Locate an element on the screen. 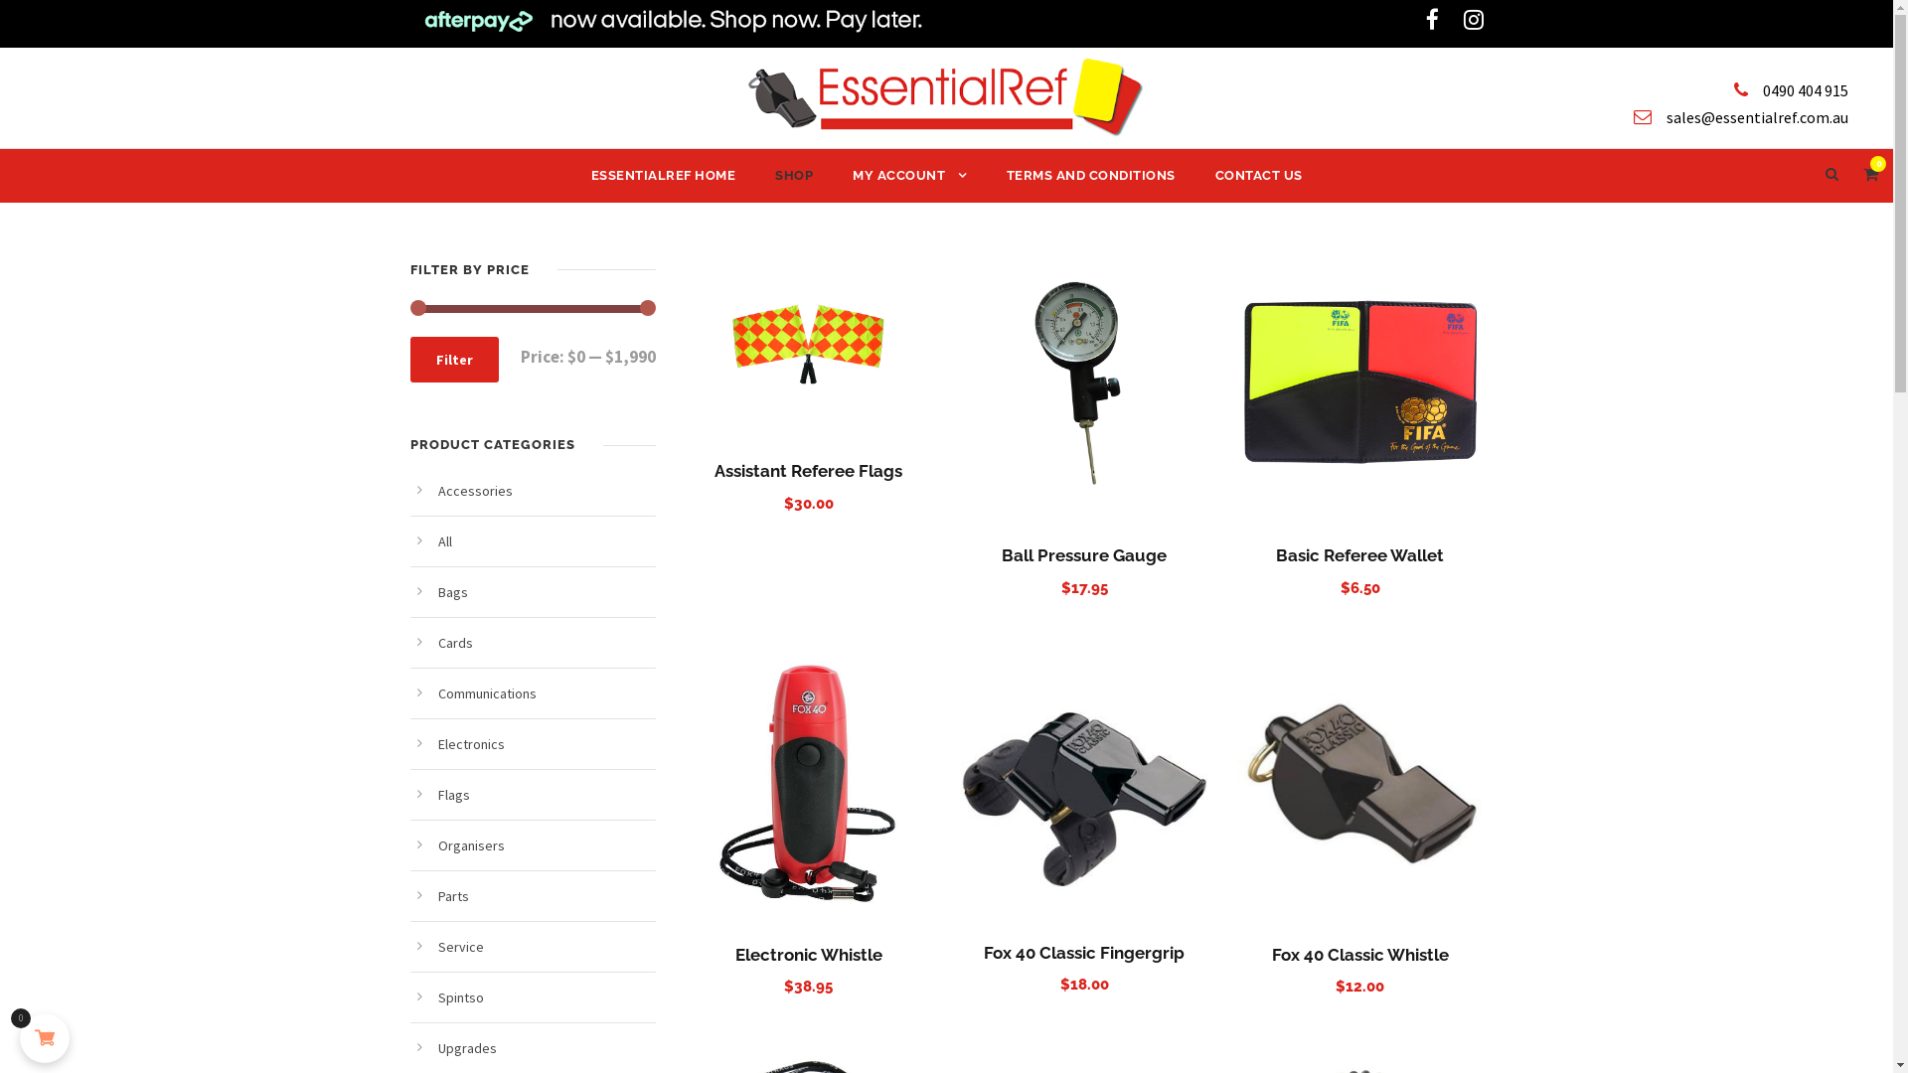 The width and height of the screenshot is (1908, 1073). 'Service' is located at coordinates (458, 945).